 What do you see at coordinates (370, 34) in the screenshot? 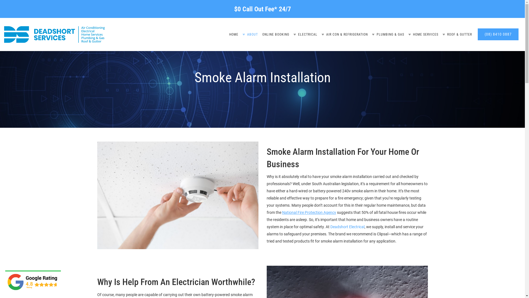
I see `'PLUMBING & GAS'` at bounding box center [370, 34].